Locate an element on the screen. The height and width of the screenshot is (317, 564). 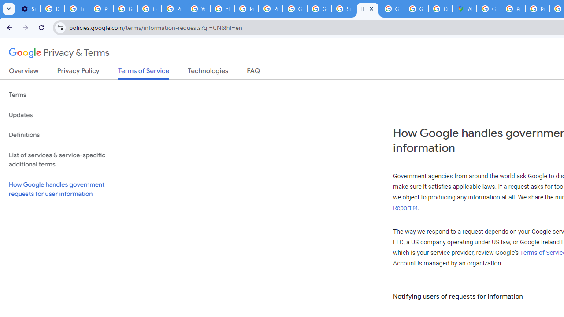
'YouTube' is located at coordinates (197, 9).